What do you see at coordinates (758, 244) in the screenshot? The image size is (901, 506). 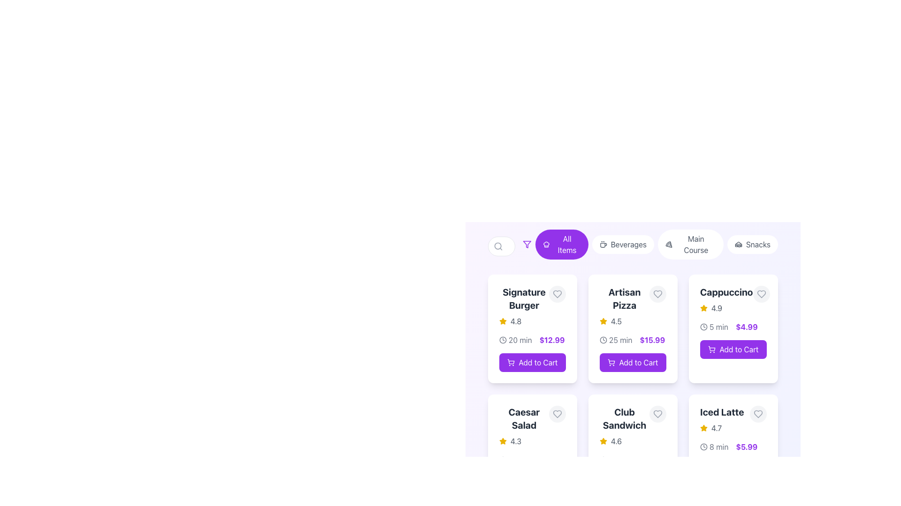 I see `the 'Snacks' label` at bounding box center [758, 244].